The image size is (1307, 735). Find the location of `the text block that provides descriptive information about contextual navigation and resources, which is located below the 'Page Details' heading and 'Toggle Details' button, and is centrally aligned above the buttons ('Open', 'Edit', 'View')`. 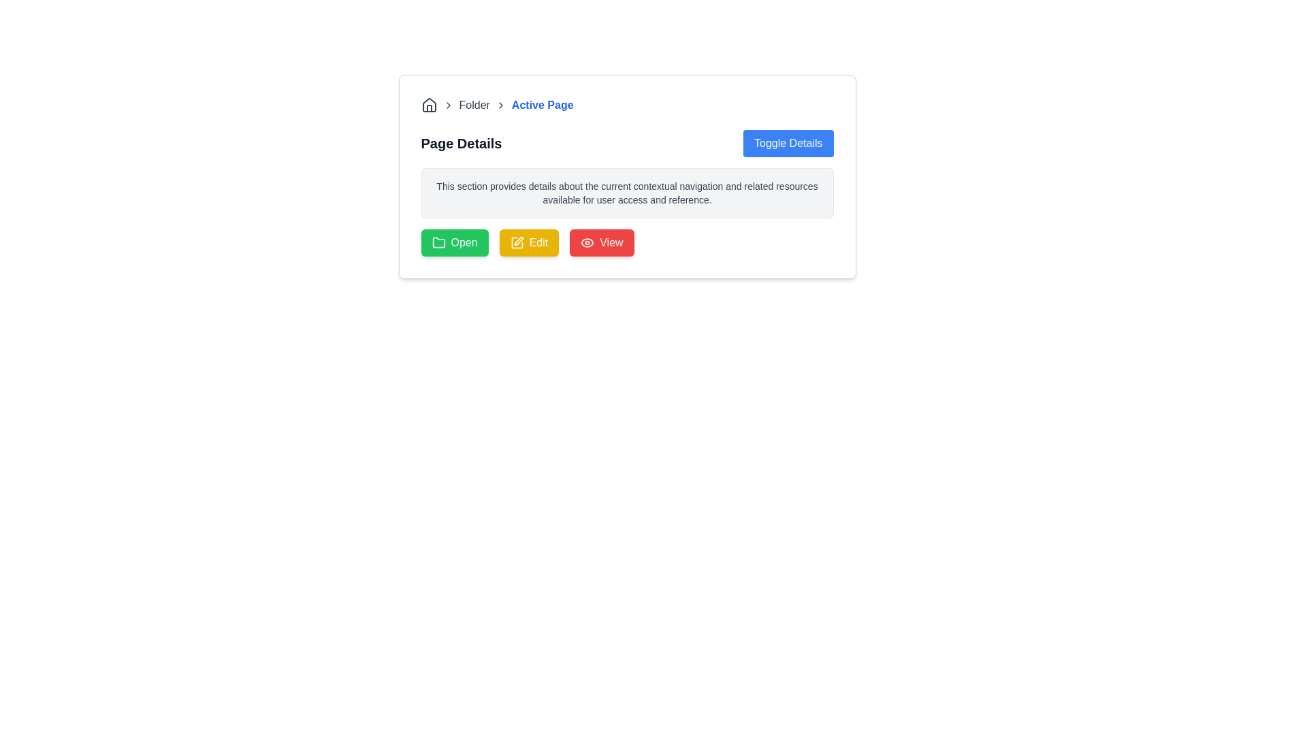

the text block that provides descriptive information about contextual navigation and resources, which is located below the 'Page Details' heading and 'Toggle Details' button, and is centrally aligned above the buttons ('Open', 'Edit', 'View') is located at coordinates (626, 193).